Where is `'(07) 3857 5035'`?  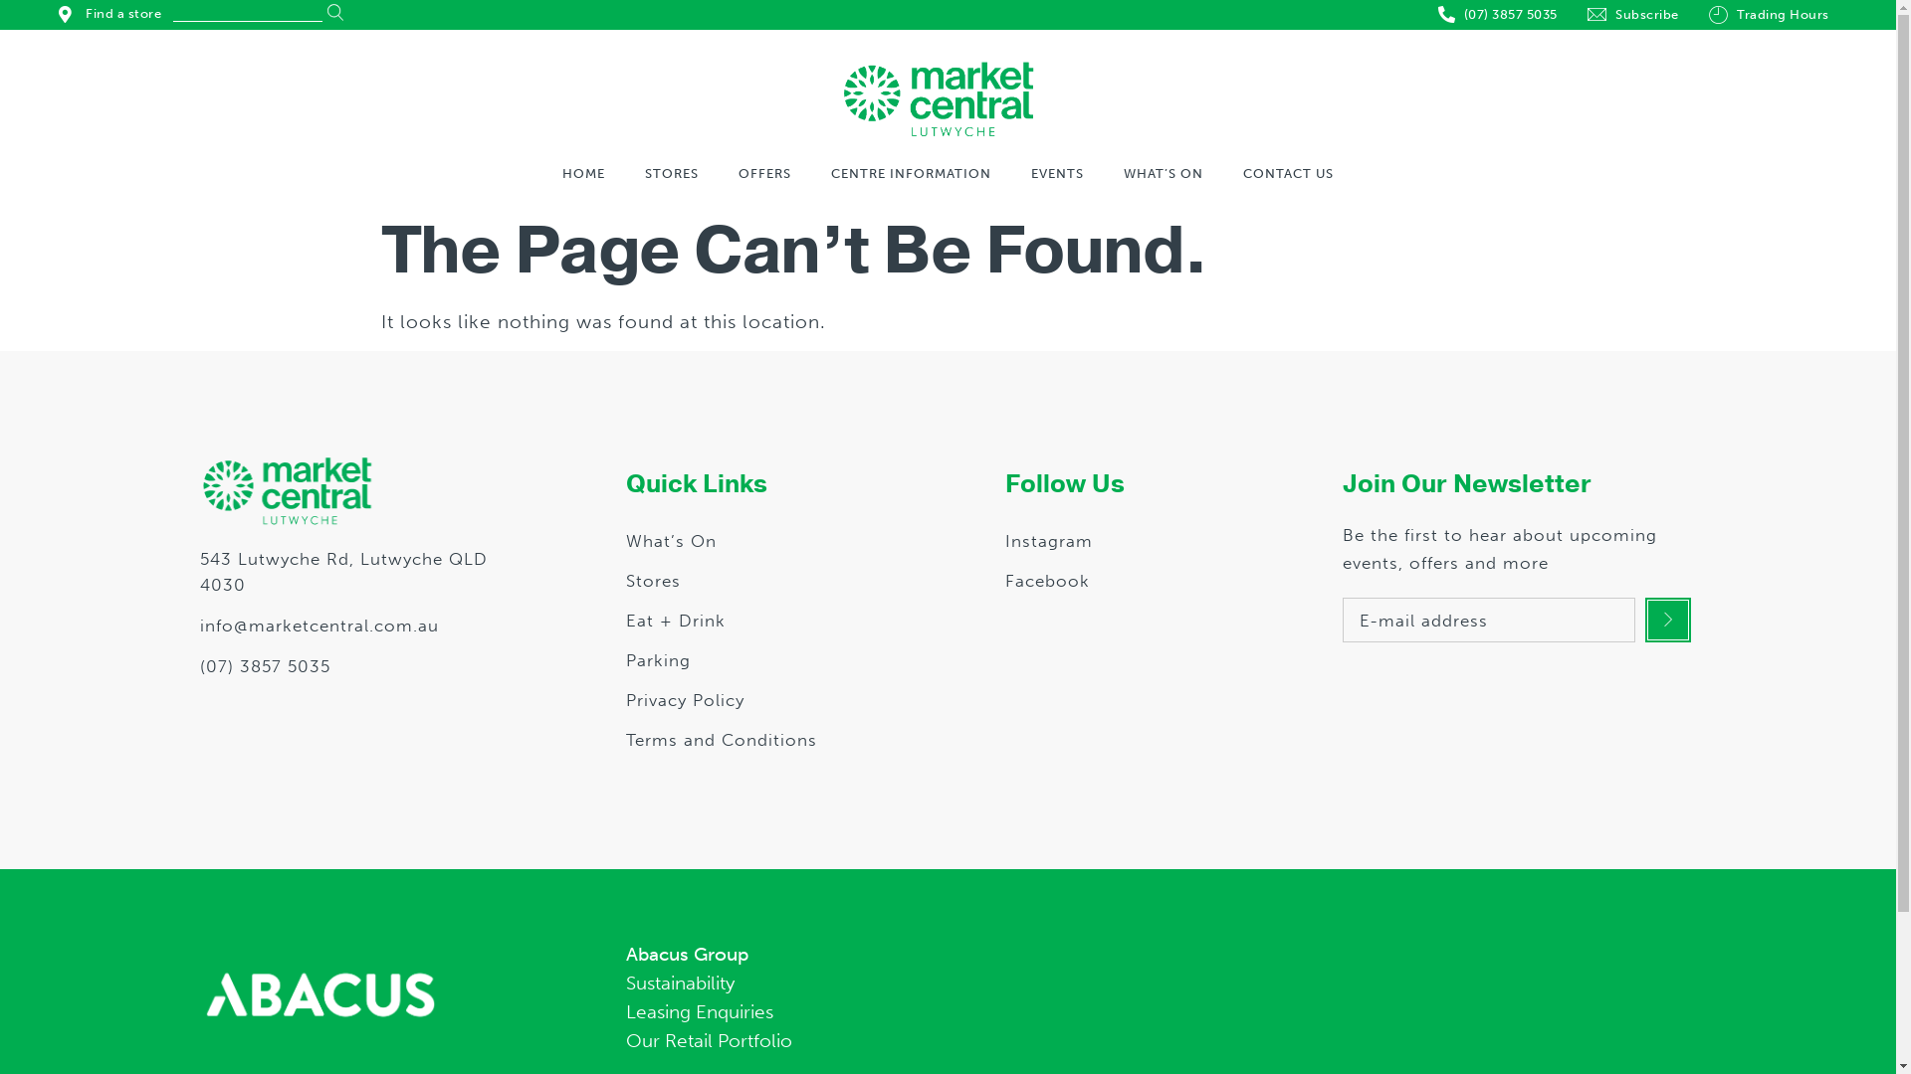
'(07) 3857 5035' is located at coordinates (1498, 15).